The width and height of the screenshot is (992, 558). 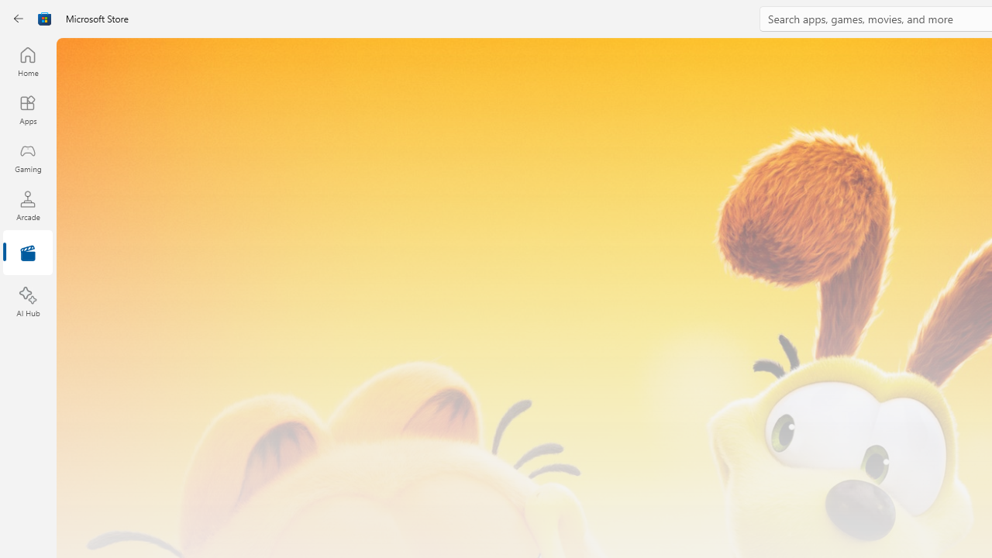 What do you see at coordinates (27, 205) in the screenshot?
I see `'Arcade'` at bounding box center [27, 205].